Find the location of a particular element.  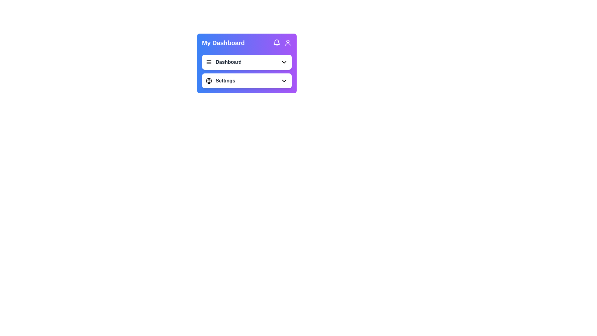

the 'Dashboard' row in the navigation menu is located at coordinates (246, 63).